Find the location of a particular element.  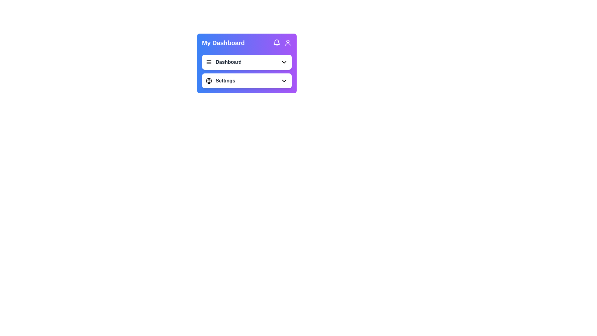

the 'Dashboard' row in the navigation menu is located at coordinates (246, 63).